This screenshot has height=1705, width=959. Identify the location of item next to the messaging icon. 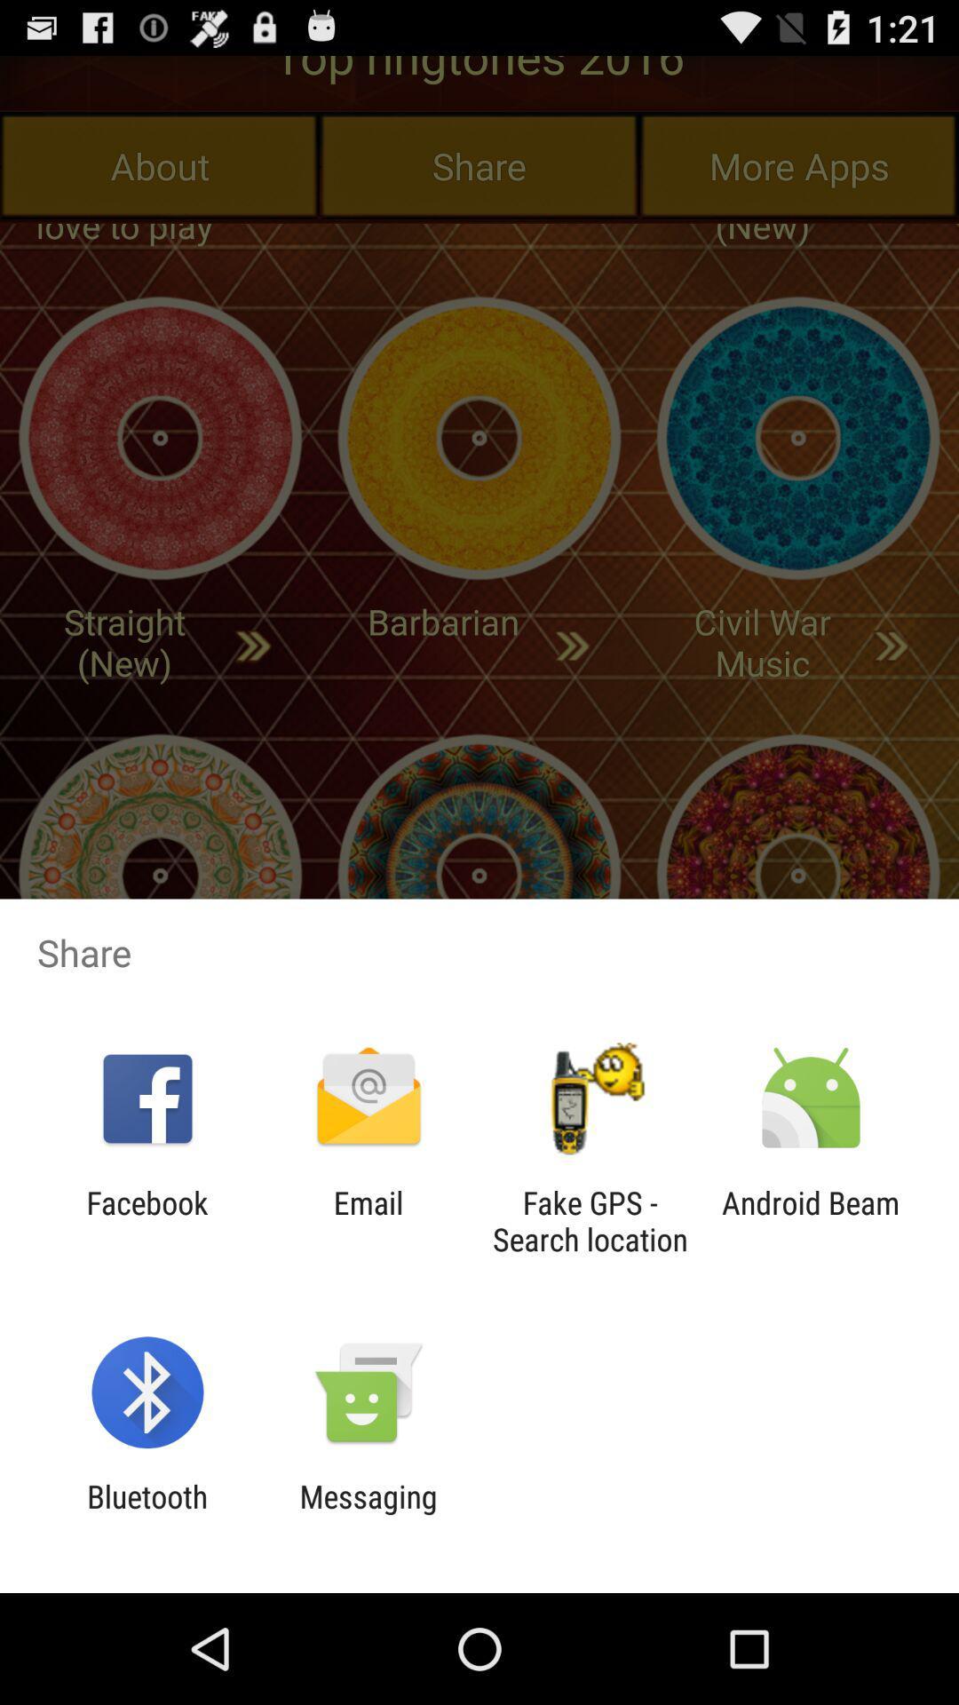
(147, 1514).